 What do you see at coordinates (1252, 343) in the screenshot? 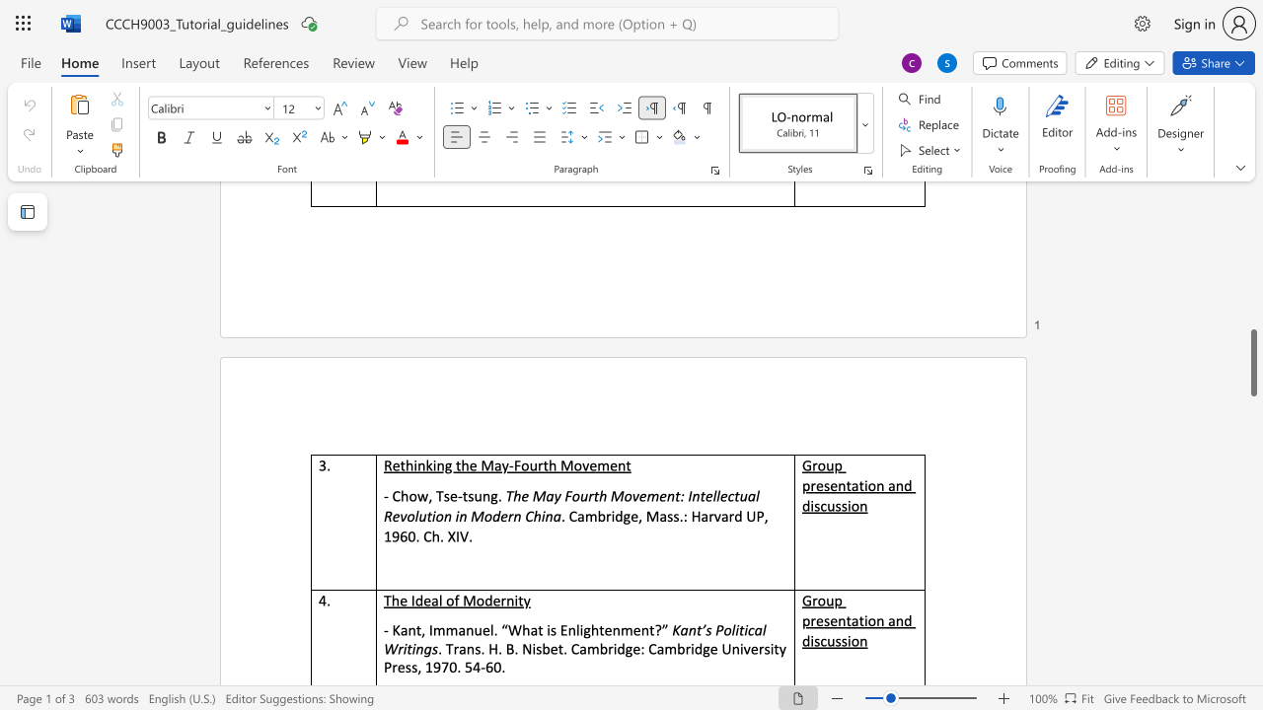
I see `the scrollbar to scroll upward` at bounding box center [1252, 343].